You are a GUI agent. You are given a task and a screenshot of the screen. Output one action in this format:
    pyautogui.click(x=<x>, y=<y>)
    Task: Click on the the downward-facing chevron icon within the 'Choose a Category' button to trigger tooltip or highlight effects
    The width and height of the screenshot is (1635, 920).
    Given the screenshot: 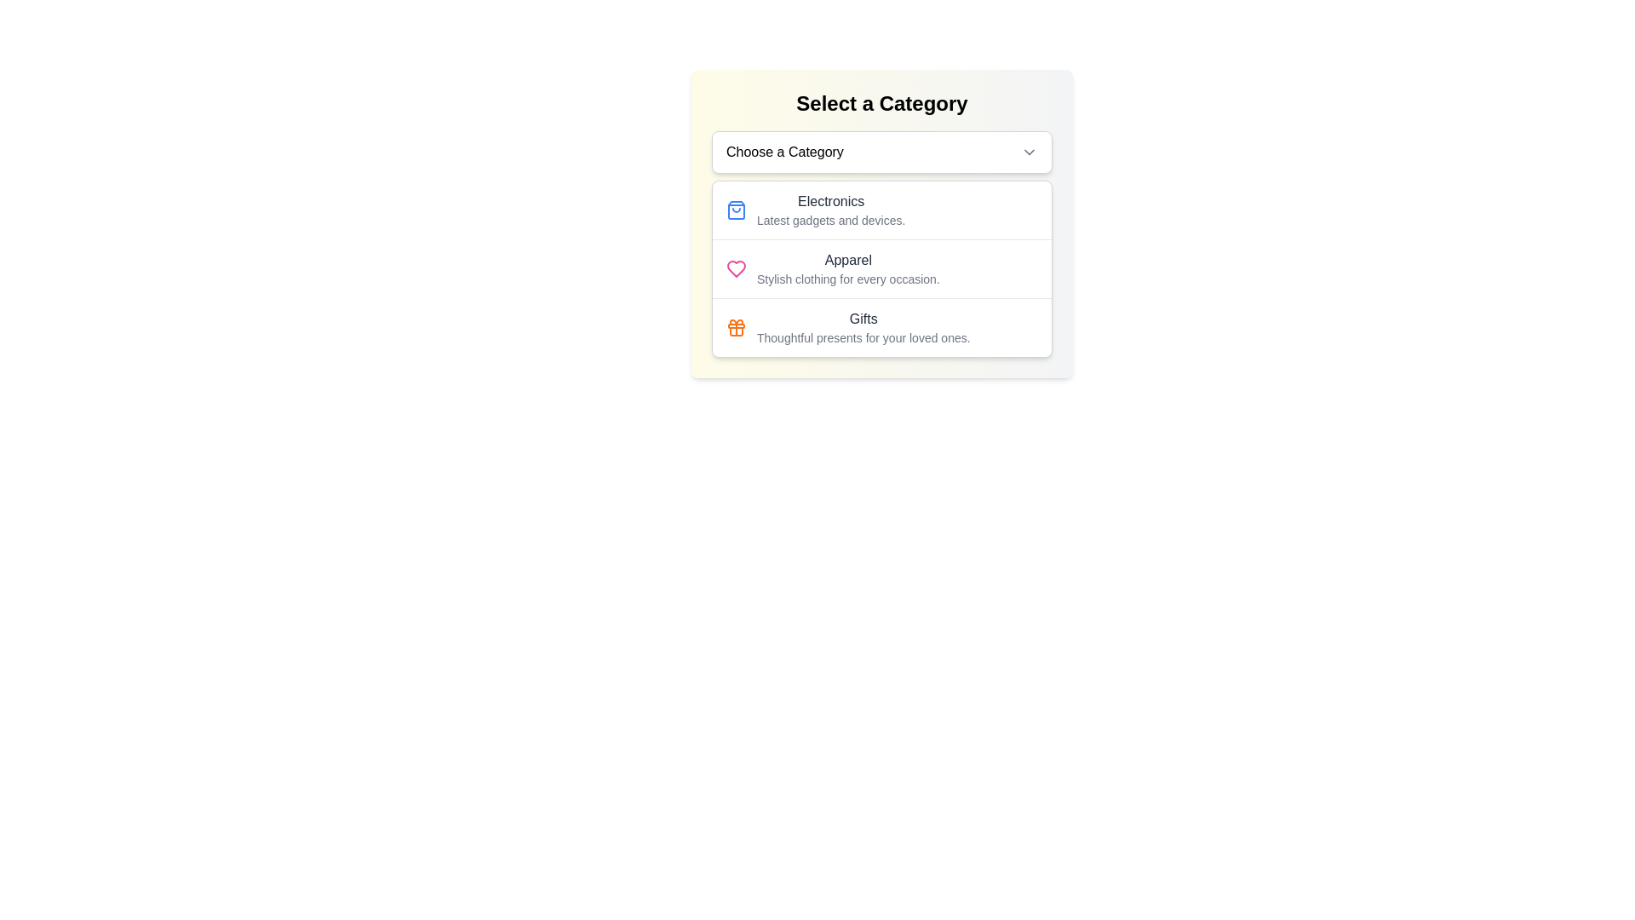 What is the action you would take?
    pyautogui.click(x=1029, y=151)
    